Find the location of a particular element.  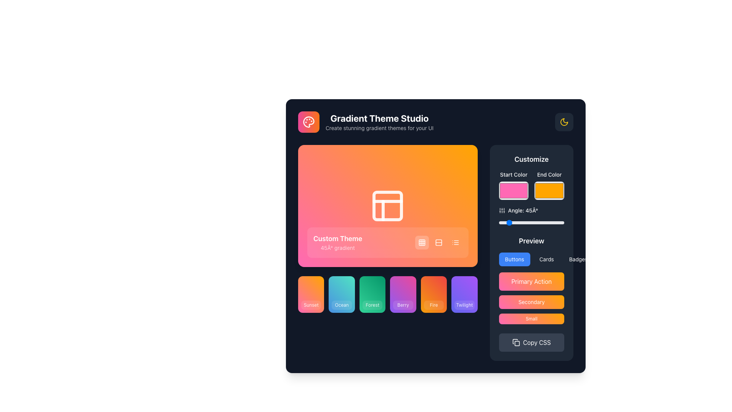

angle is located at coordinates (516, 222).